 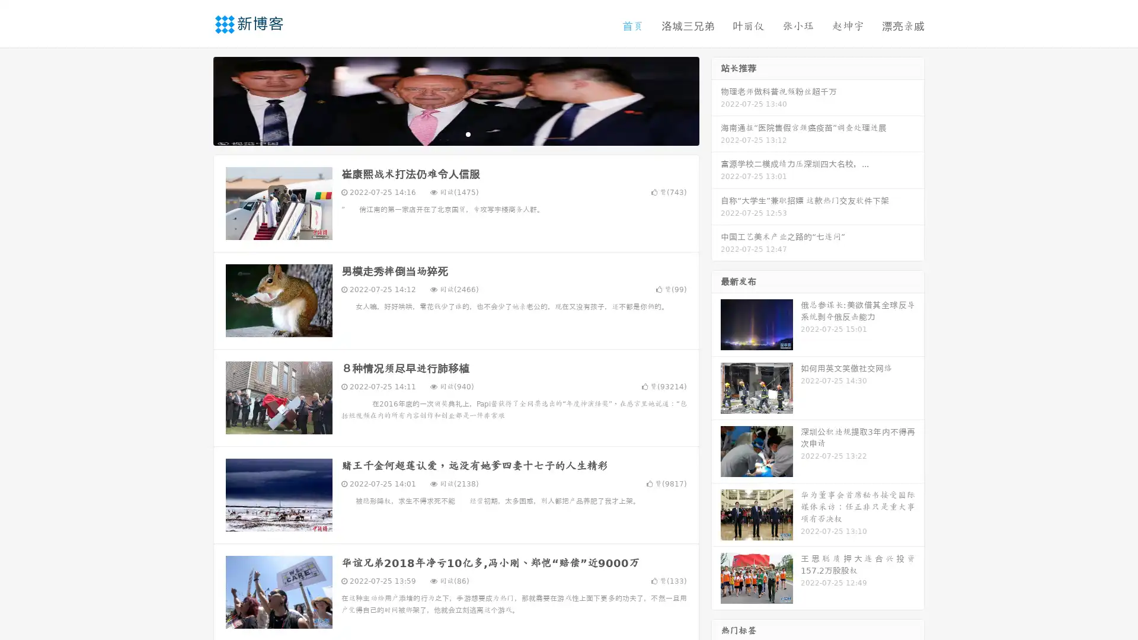 What do you see at coordinates (443, 133) in the screenshot?
I see `Go to slide 1` at bounding box center [443, 133].